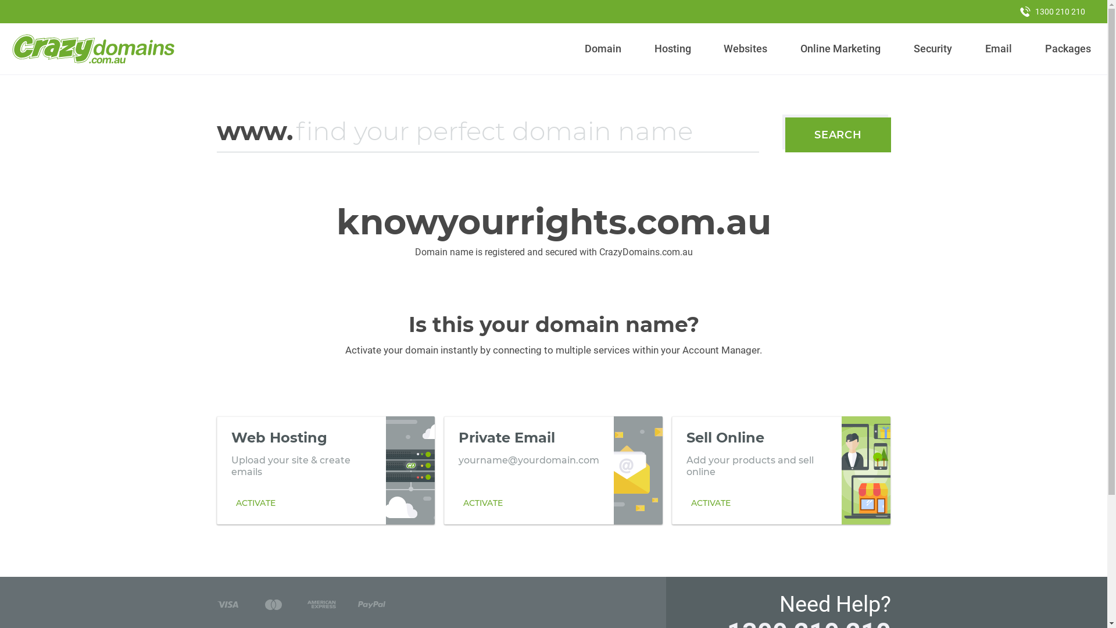 The width and height of the screenshot is (1116, 628). Describe the element at coordinates (672, 48) in the screenshot. I see `'Hosting'` at that location.